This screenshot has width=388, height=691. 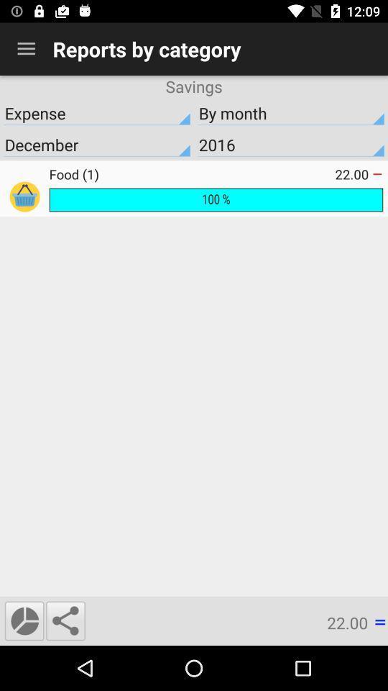 What do you see at coordinates (291, 145) in the screenshot?
I see `the item above food (1) icon` at bounding box center [291, 145].